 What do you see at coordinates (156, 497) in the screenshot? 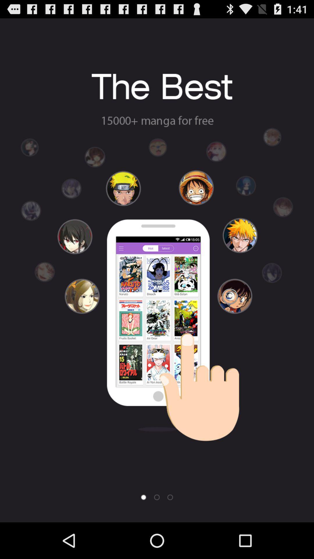
I see `screen next page button` at bounding box center [156, 497].